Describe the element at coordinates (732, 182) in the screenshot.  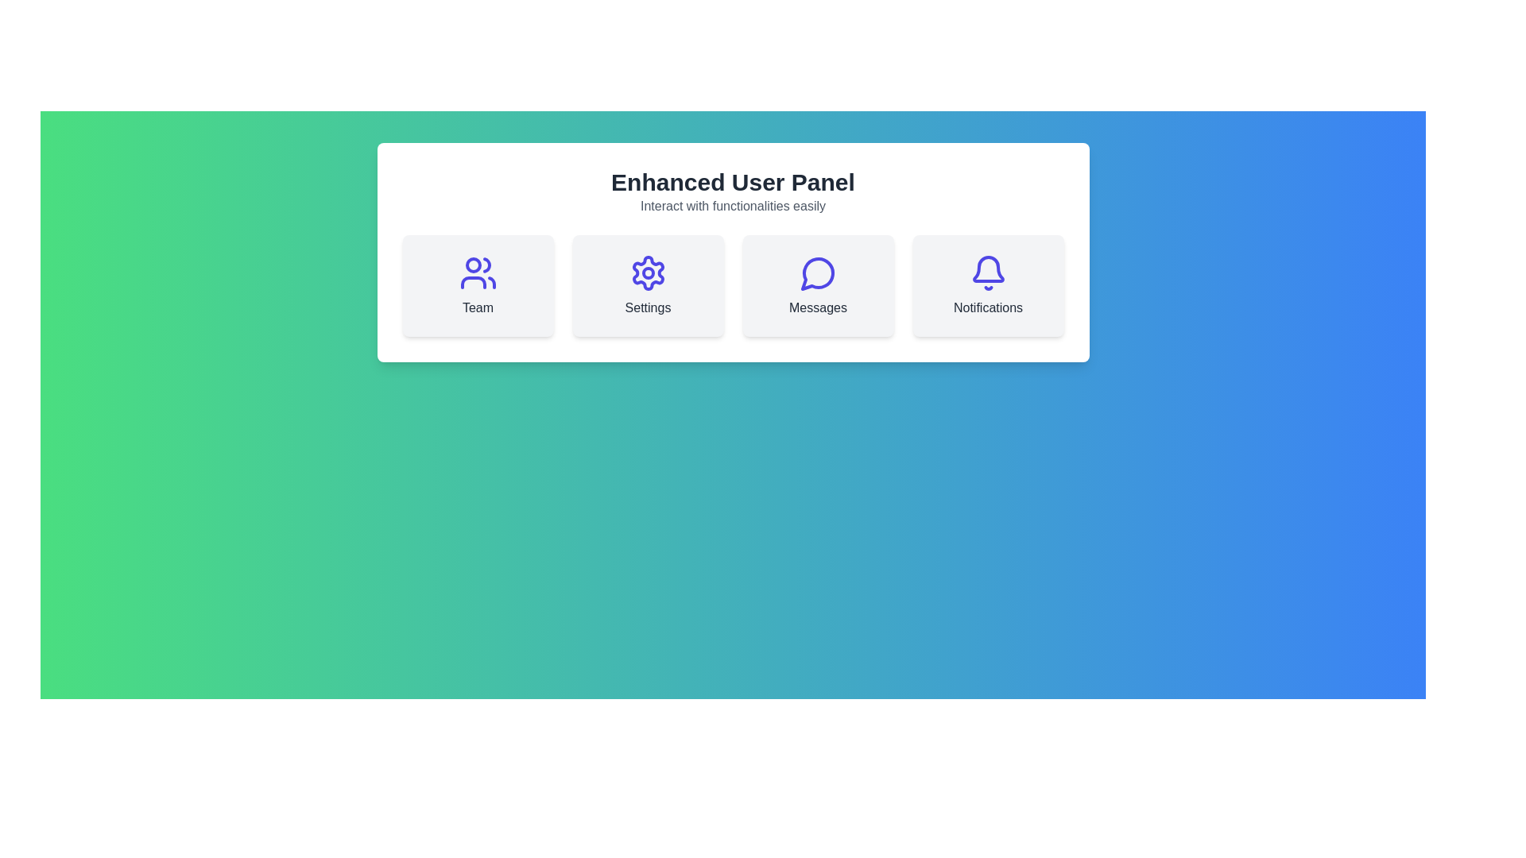
I see `the header text element that serves as a title for the panel to copy it` at that location.